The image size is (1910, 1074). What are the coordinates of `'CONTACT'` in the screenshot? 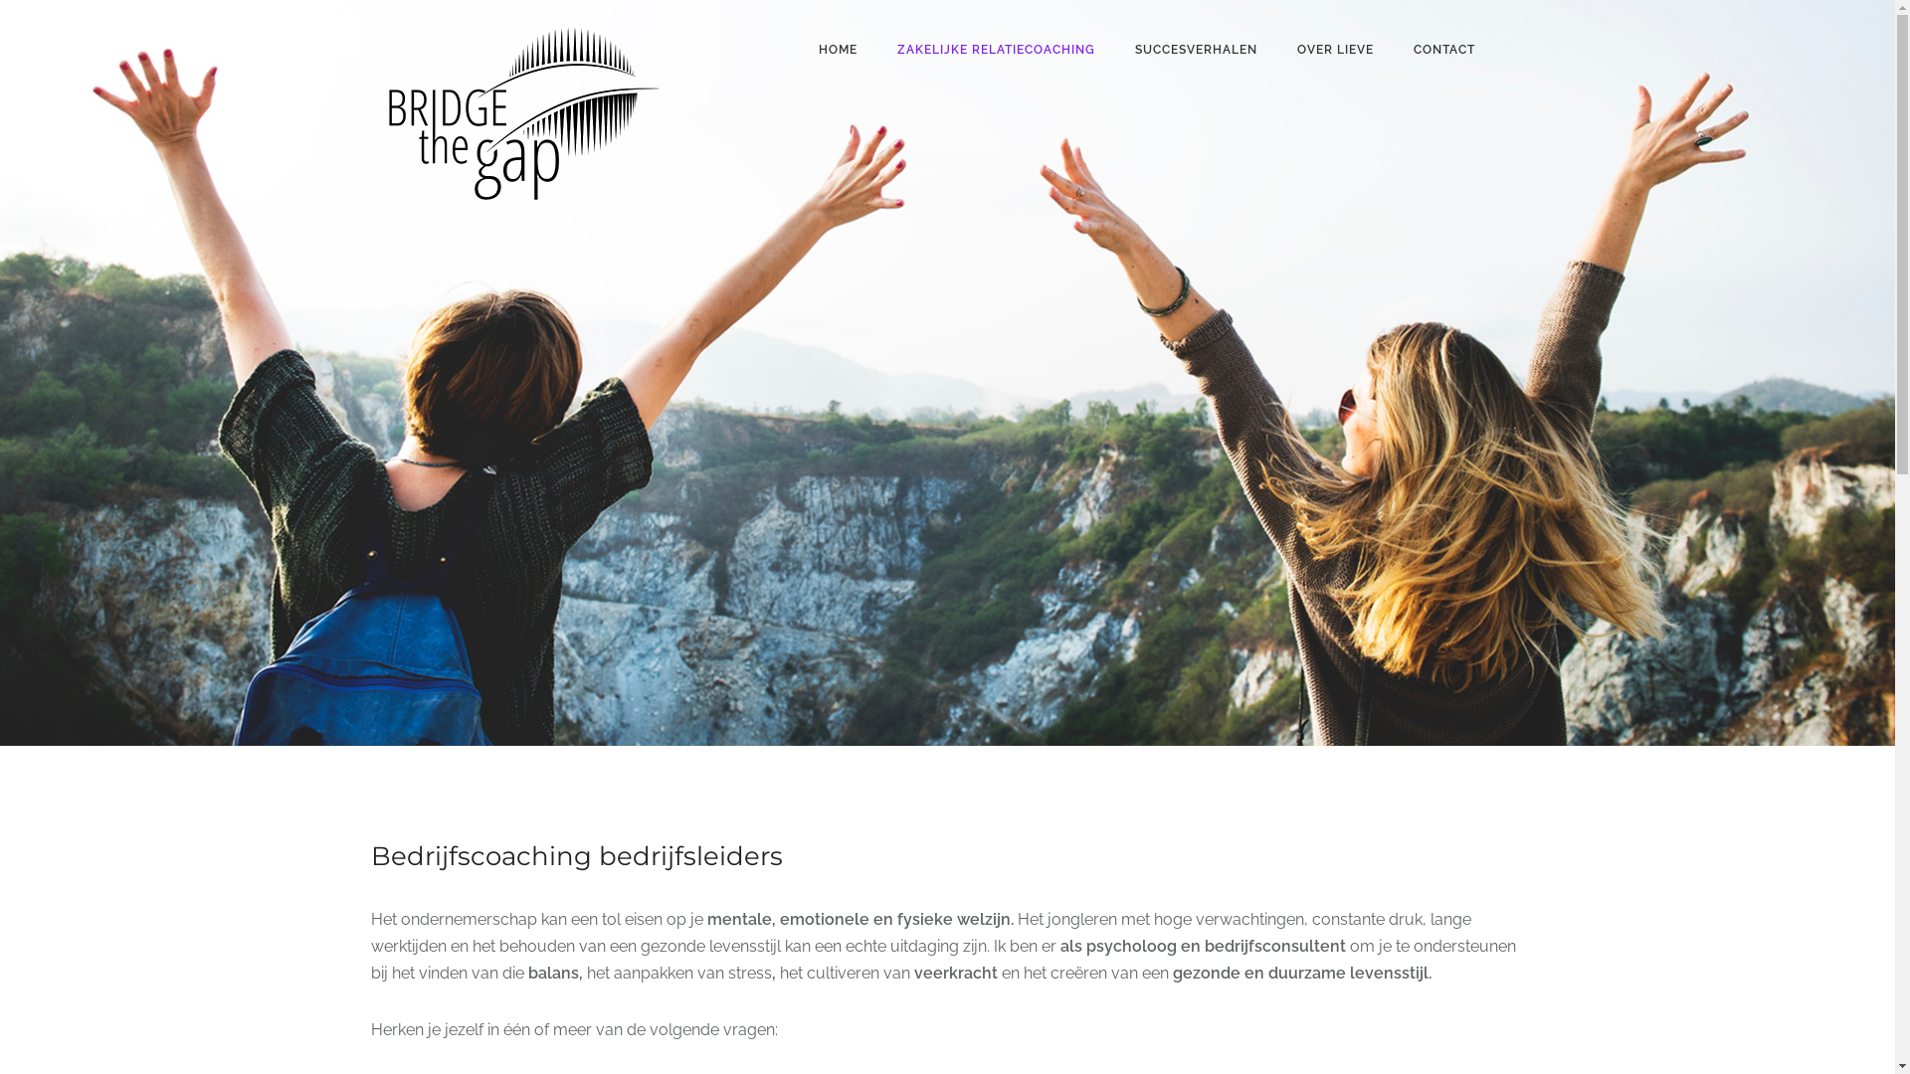 It's located at (1392, 49).